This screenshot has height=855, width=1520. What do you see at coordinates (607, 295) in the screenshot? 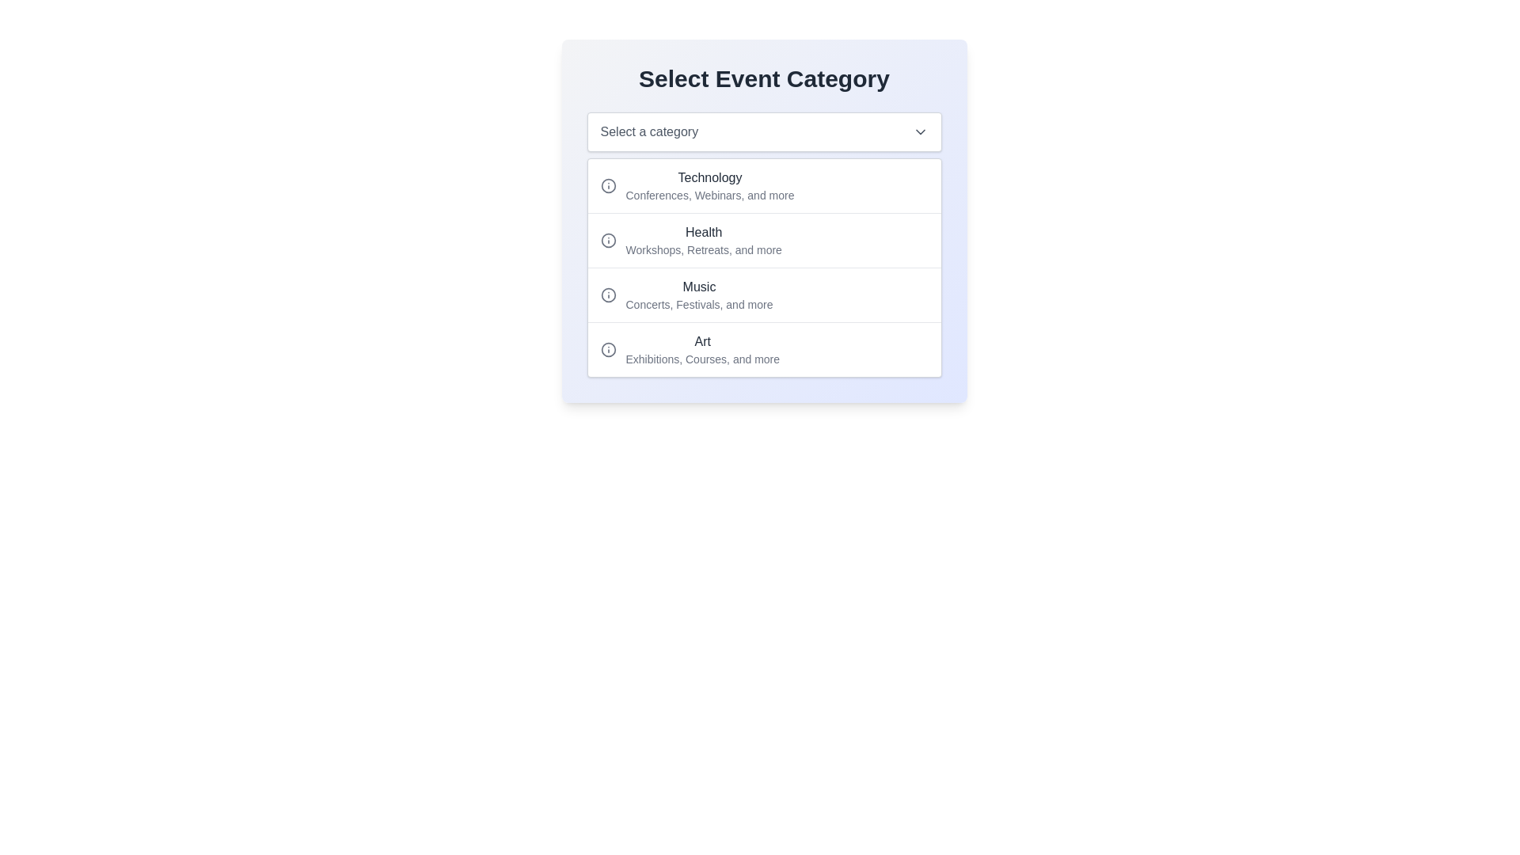
I see `the circular icon located to the left of the 'Music' option in the vertically arranged list of categories` at bounding box center [607, 295].